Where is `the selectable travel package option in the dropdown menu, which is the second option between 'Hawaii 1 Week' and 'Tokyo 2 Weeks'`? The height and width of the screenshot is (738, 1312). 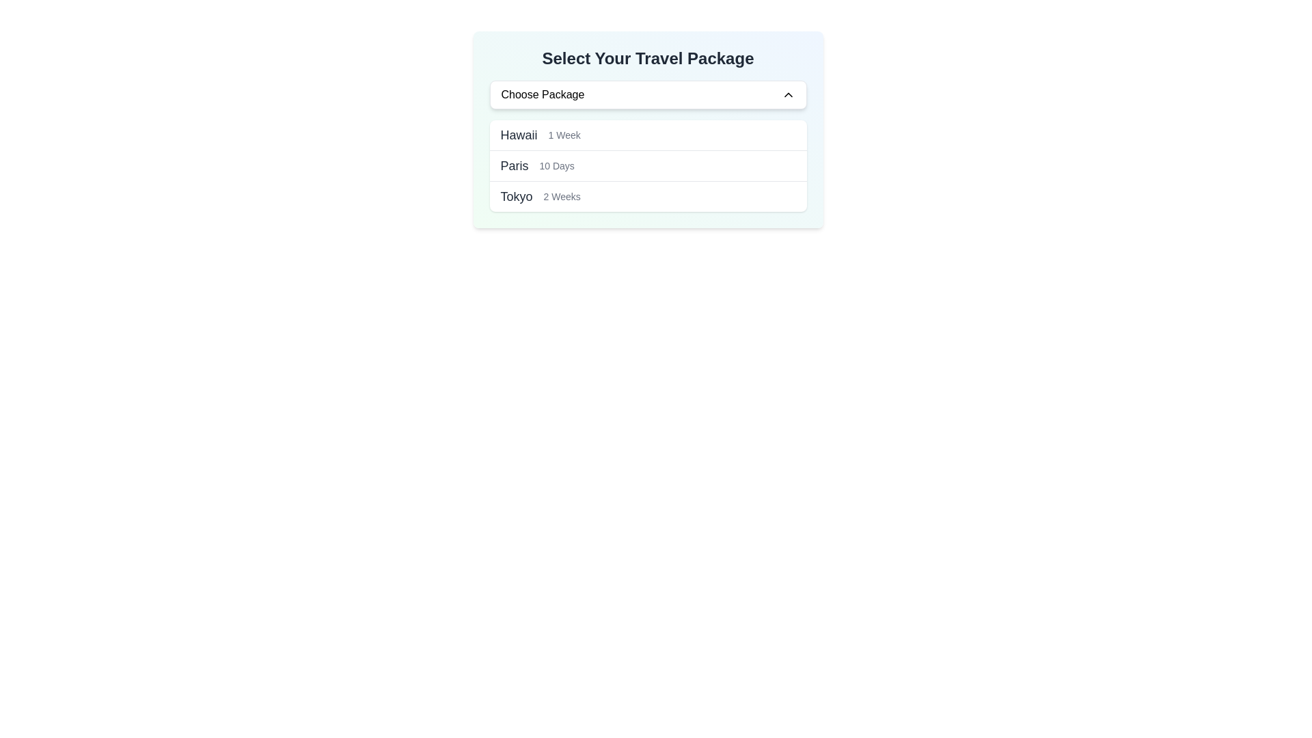
the selectable travel package option in the dropdown menu, which is the second option between 'Hawaii 1 Week' and 'Tokyo 2 Weeks' is located at coordinates (647, 165).